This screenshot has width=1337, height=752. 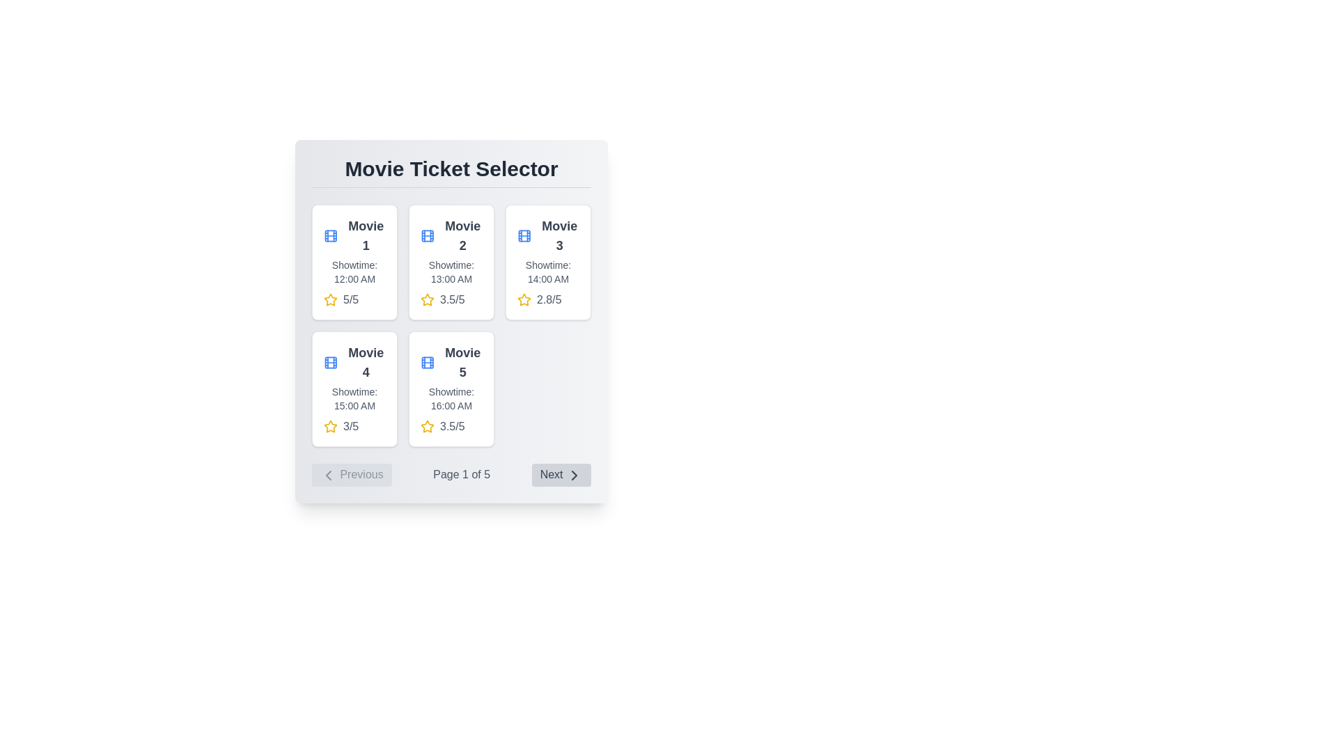 I want to click on on the movie summary card located in the first column of the first row of the grid layout, so click(x=354, y=263).